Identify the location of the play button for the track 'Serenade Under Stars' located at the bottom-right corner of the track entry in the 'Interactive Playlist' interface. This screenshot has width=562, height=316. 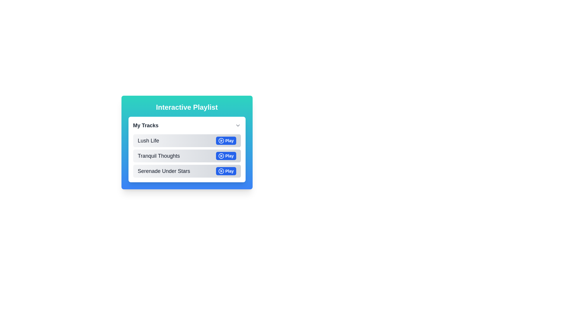
(226, 171).